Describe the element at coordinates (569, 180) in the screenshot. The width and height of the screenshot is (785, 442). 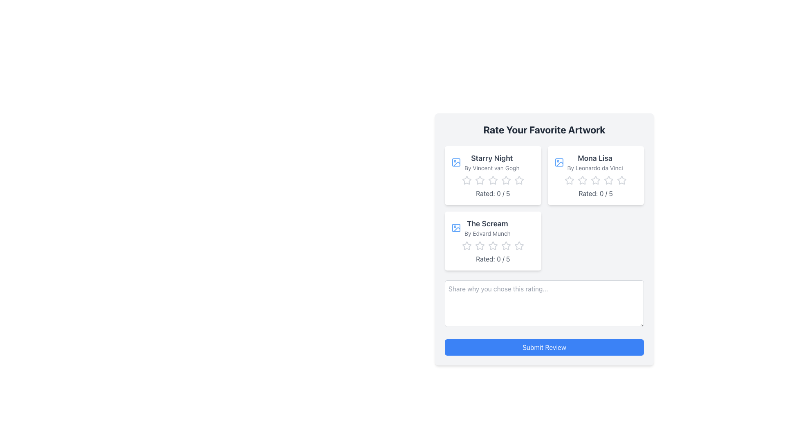
I see `the first star icon in the five-star rating system for 'Mona Lisa by Leonardo da Vinci'` at that location.